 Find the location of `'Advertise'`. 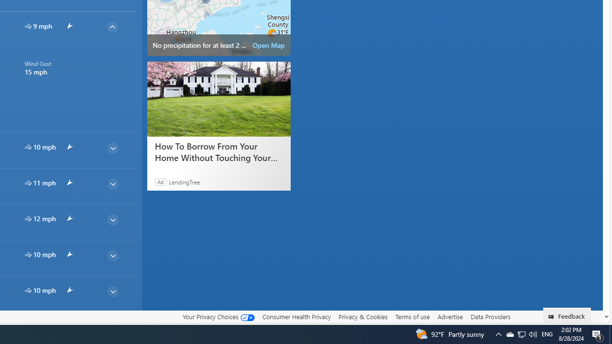

'Advertise' is located at coordinates (449, 317).